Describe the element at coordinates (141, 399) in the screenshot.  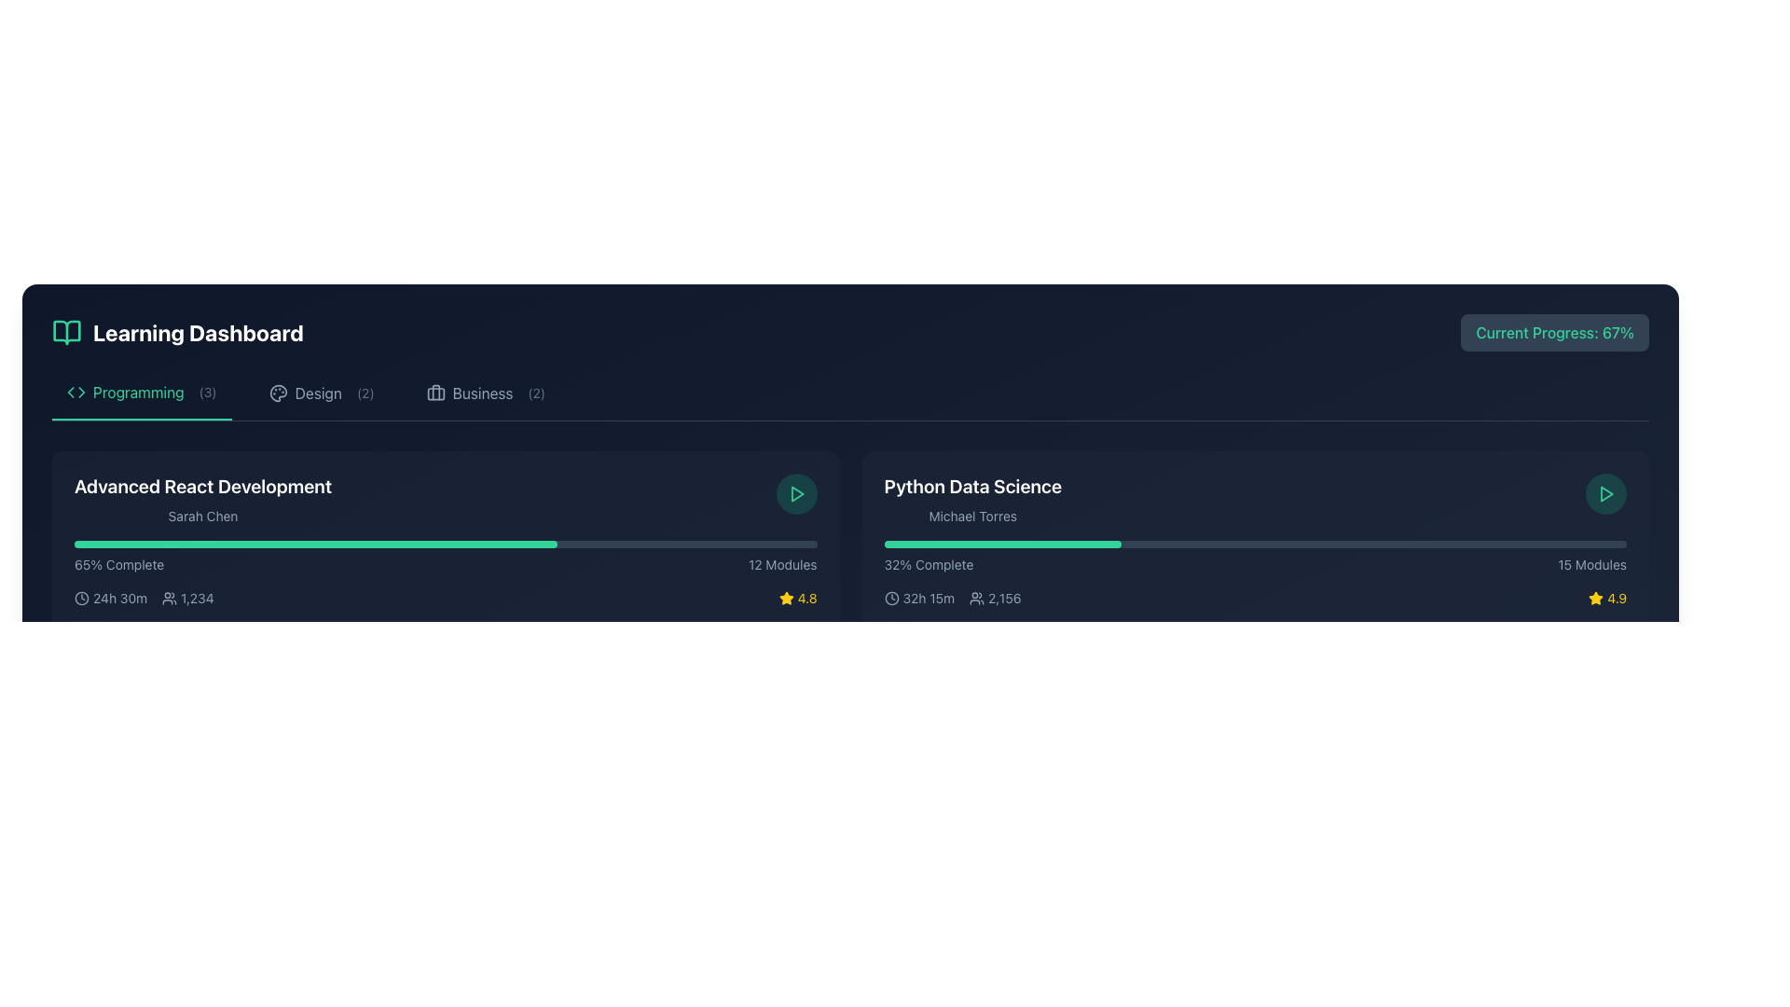
I see `the 'Programming' navigation tab located at the top of the interface` at that location.